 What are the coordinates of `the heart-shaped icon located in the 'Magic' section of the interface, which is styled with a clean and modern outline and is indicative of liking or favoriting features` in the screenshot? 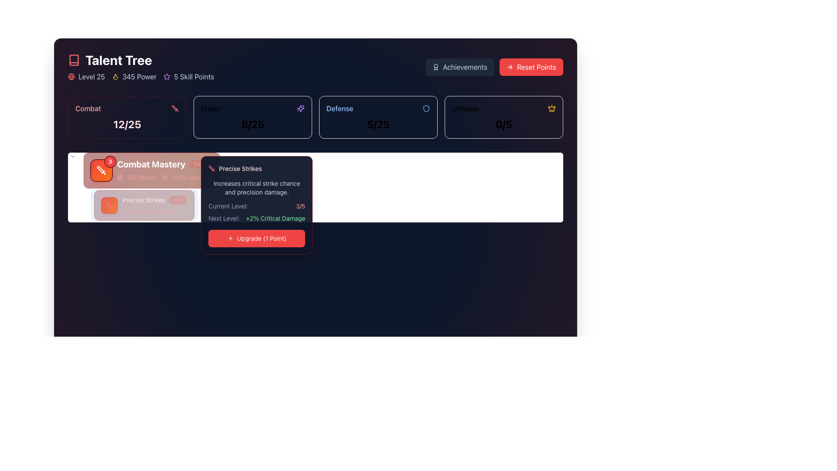 It's located at (280, 139).